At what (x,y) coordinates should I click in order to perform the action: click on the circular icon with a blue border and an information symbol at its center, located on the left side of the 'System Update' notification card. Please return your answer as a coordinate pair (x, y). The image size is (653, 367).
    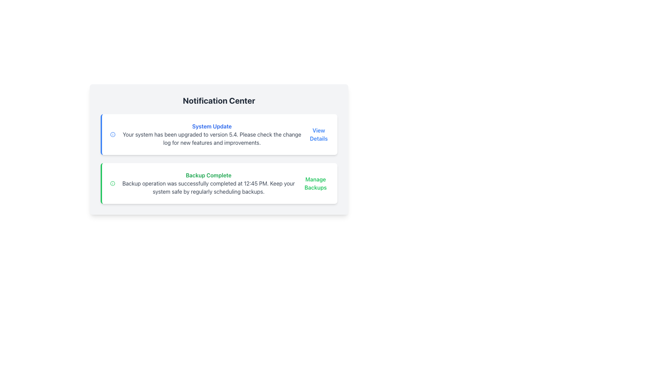
    Looking at the image, I should click on (113, 135).